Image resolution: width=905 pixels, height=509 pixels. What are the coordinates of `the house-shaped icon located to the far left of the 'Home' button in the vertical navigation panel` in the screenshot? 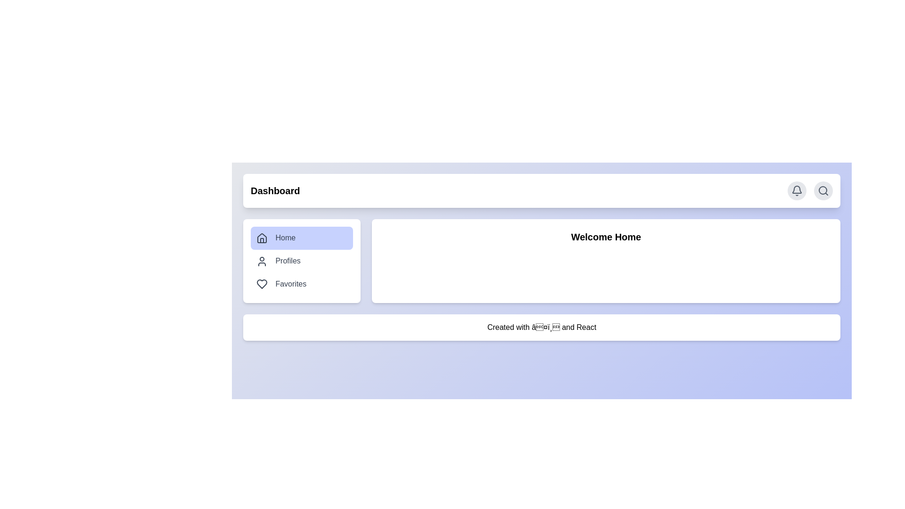 It's located at (262, 238).